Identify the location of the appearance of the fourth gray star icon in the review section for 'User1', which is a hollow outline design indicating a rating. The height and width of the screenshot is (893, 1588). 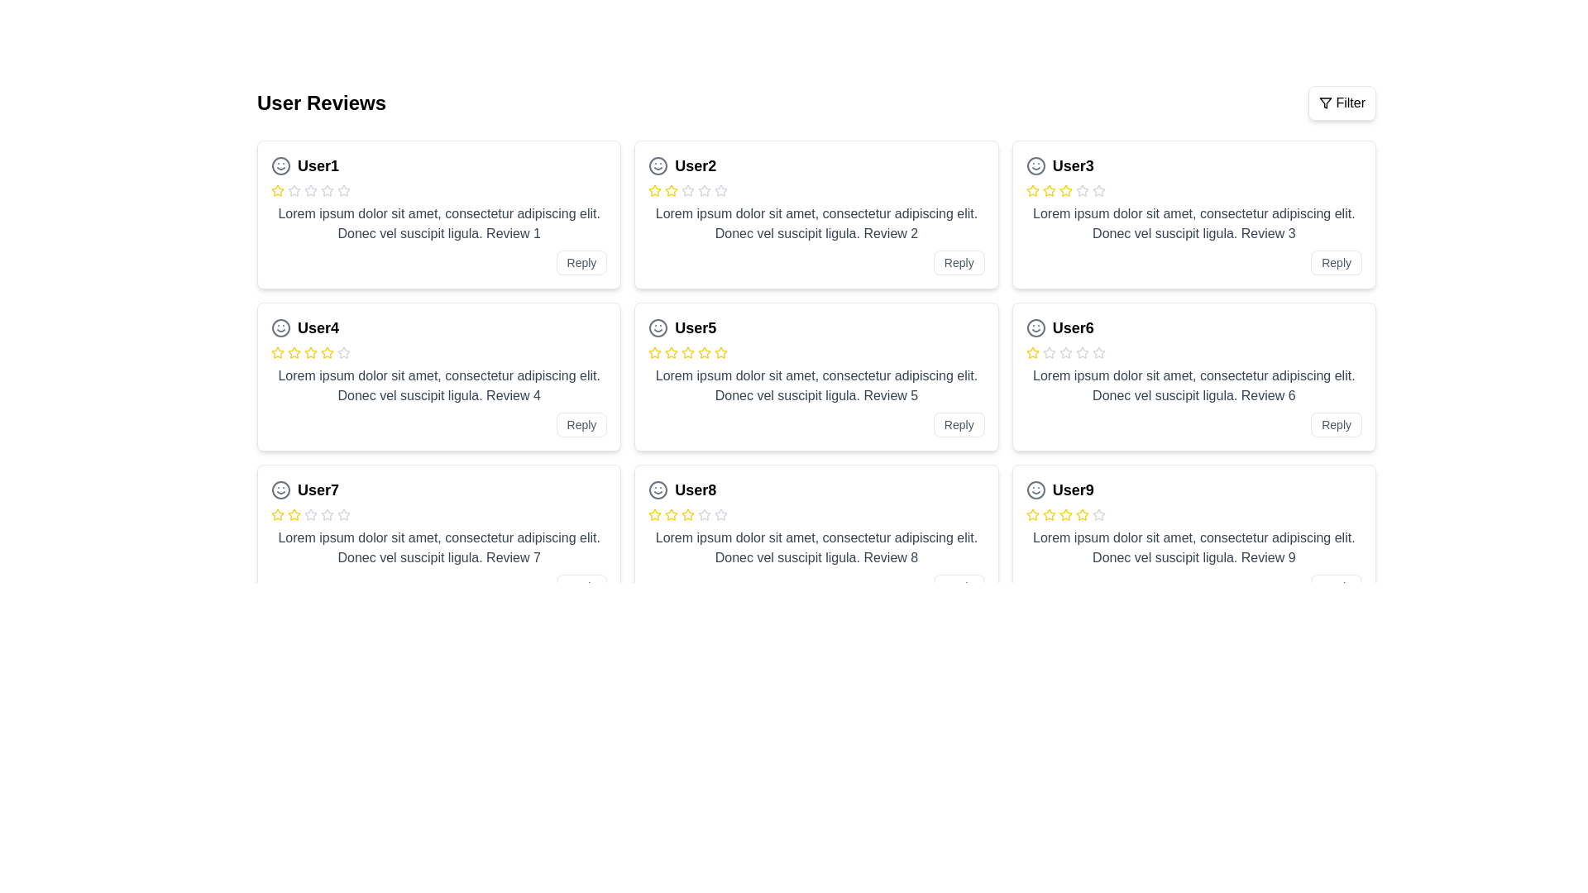
(310, 190).